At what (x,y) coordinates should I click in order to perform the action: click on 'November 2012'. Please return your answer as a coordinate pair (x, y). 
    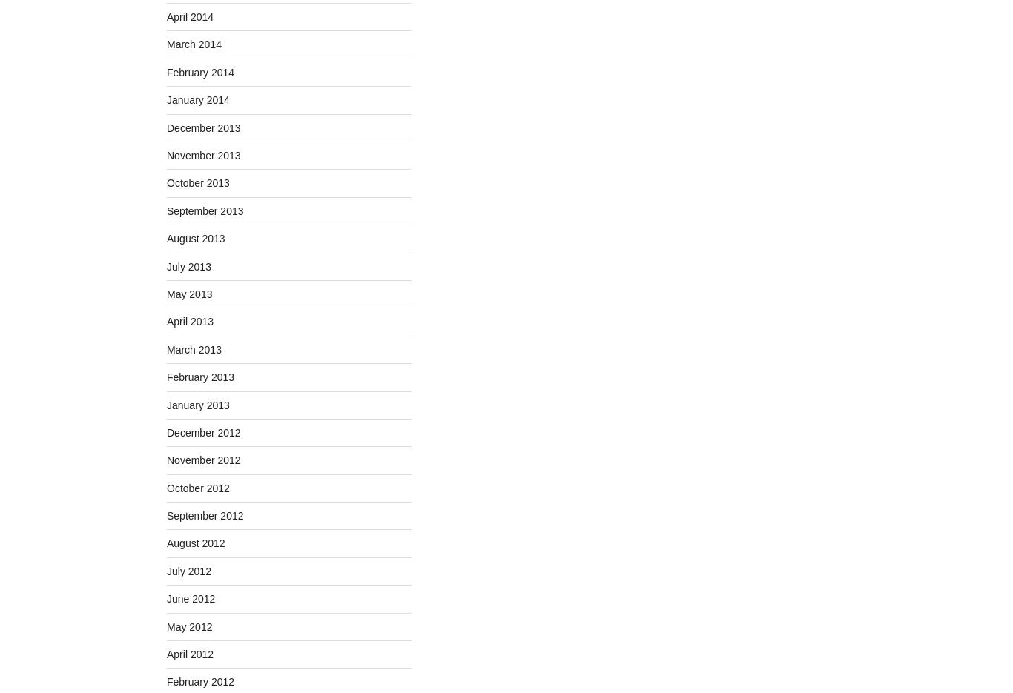
    Looking at the image, I should click on (203, 460).